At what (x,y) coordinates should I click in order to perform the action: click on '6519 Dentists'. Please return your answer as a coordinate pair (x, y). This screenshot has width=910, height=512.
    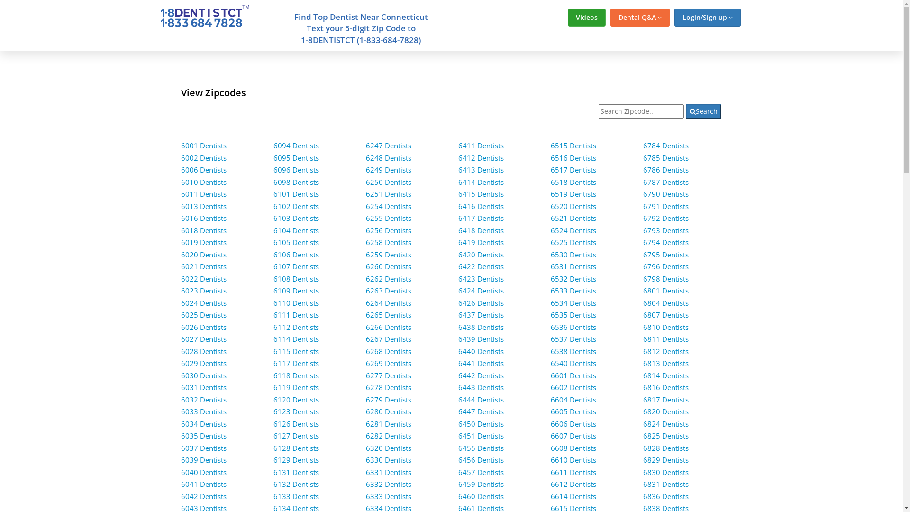
    Looking at the image, I should click on (573, 193).